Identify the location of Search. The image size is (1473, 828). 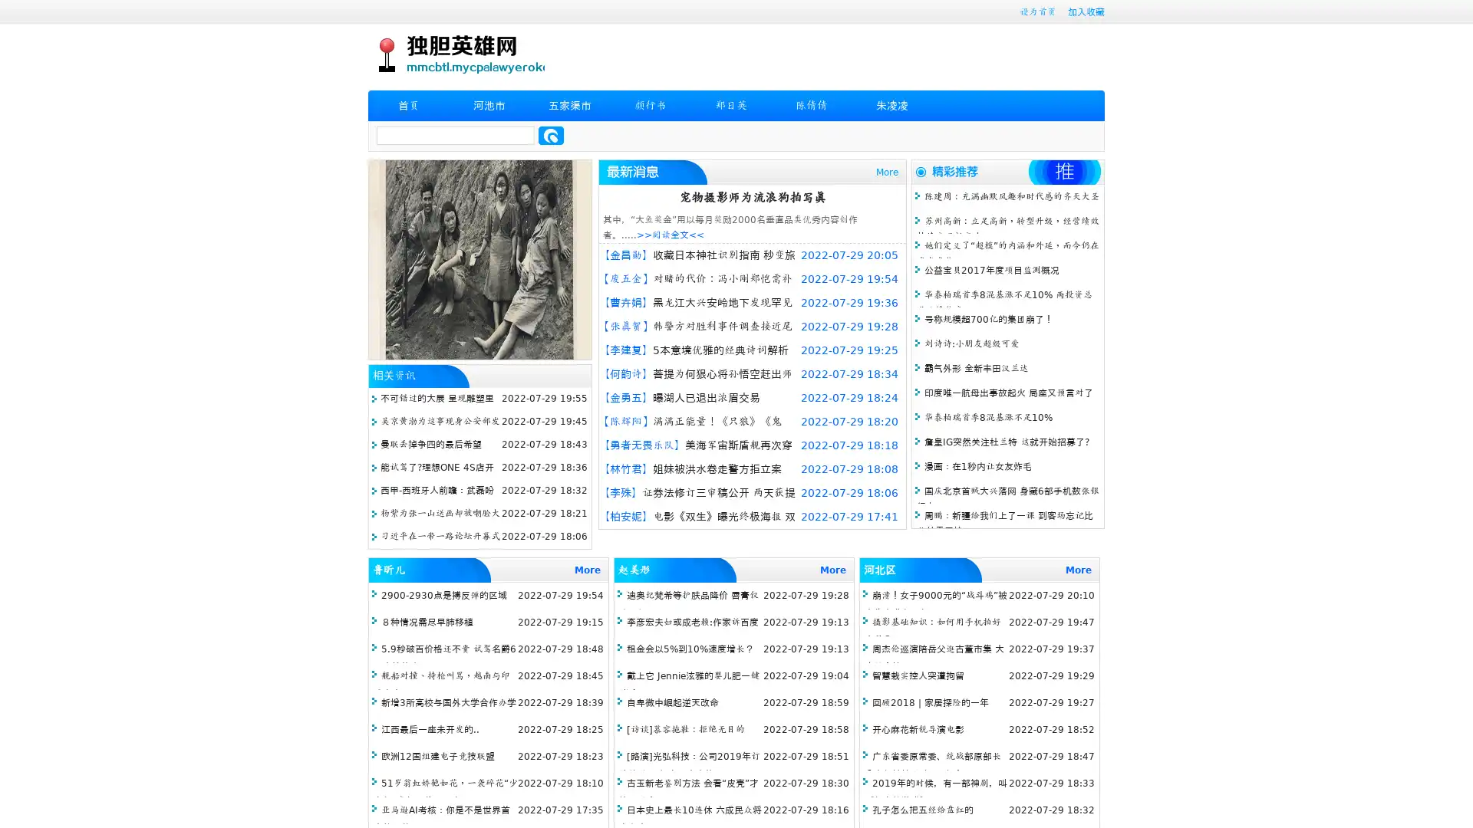
(551, 135).